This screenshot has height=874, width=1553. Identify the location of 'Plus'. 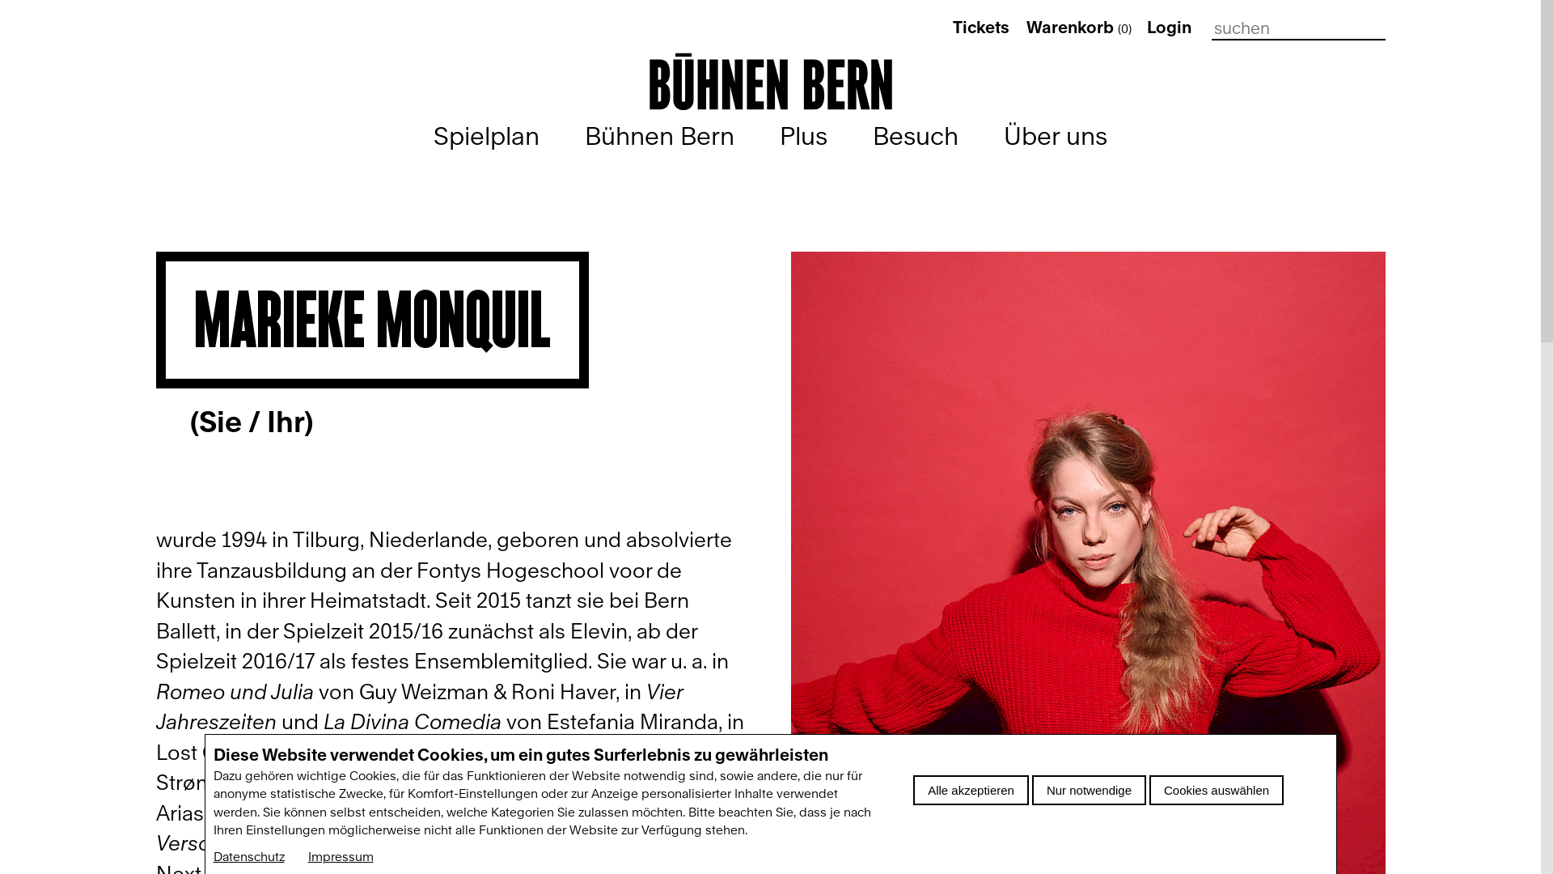
(803, 135).